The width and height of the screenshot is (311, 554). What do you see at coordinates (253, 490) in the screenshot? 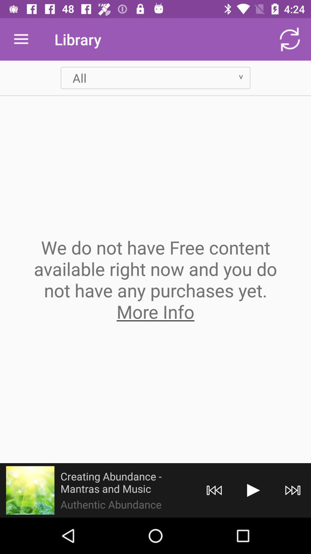
I see `next sample` at bounding box center [253, 490].